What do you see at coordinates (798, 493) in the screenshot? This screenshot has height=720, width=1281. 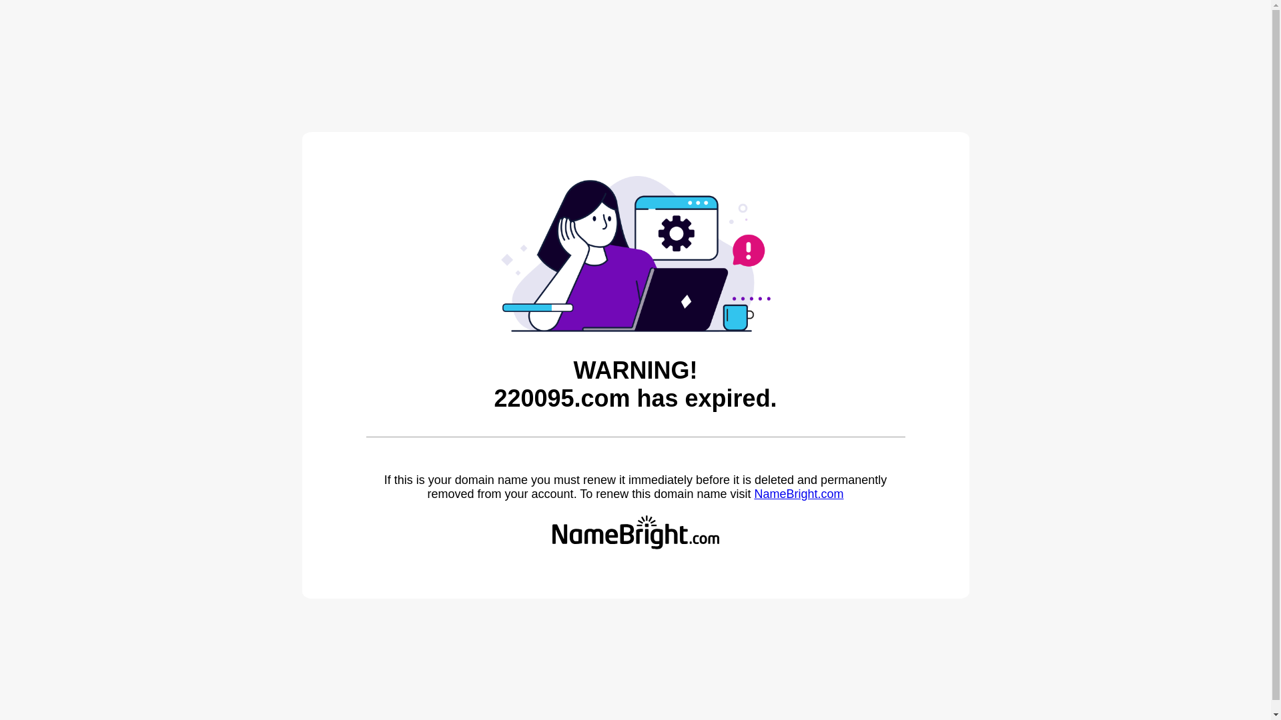 I see `'NameBright.com'` at bounding box center [798, 493].